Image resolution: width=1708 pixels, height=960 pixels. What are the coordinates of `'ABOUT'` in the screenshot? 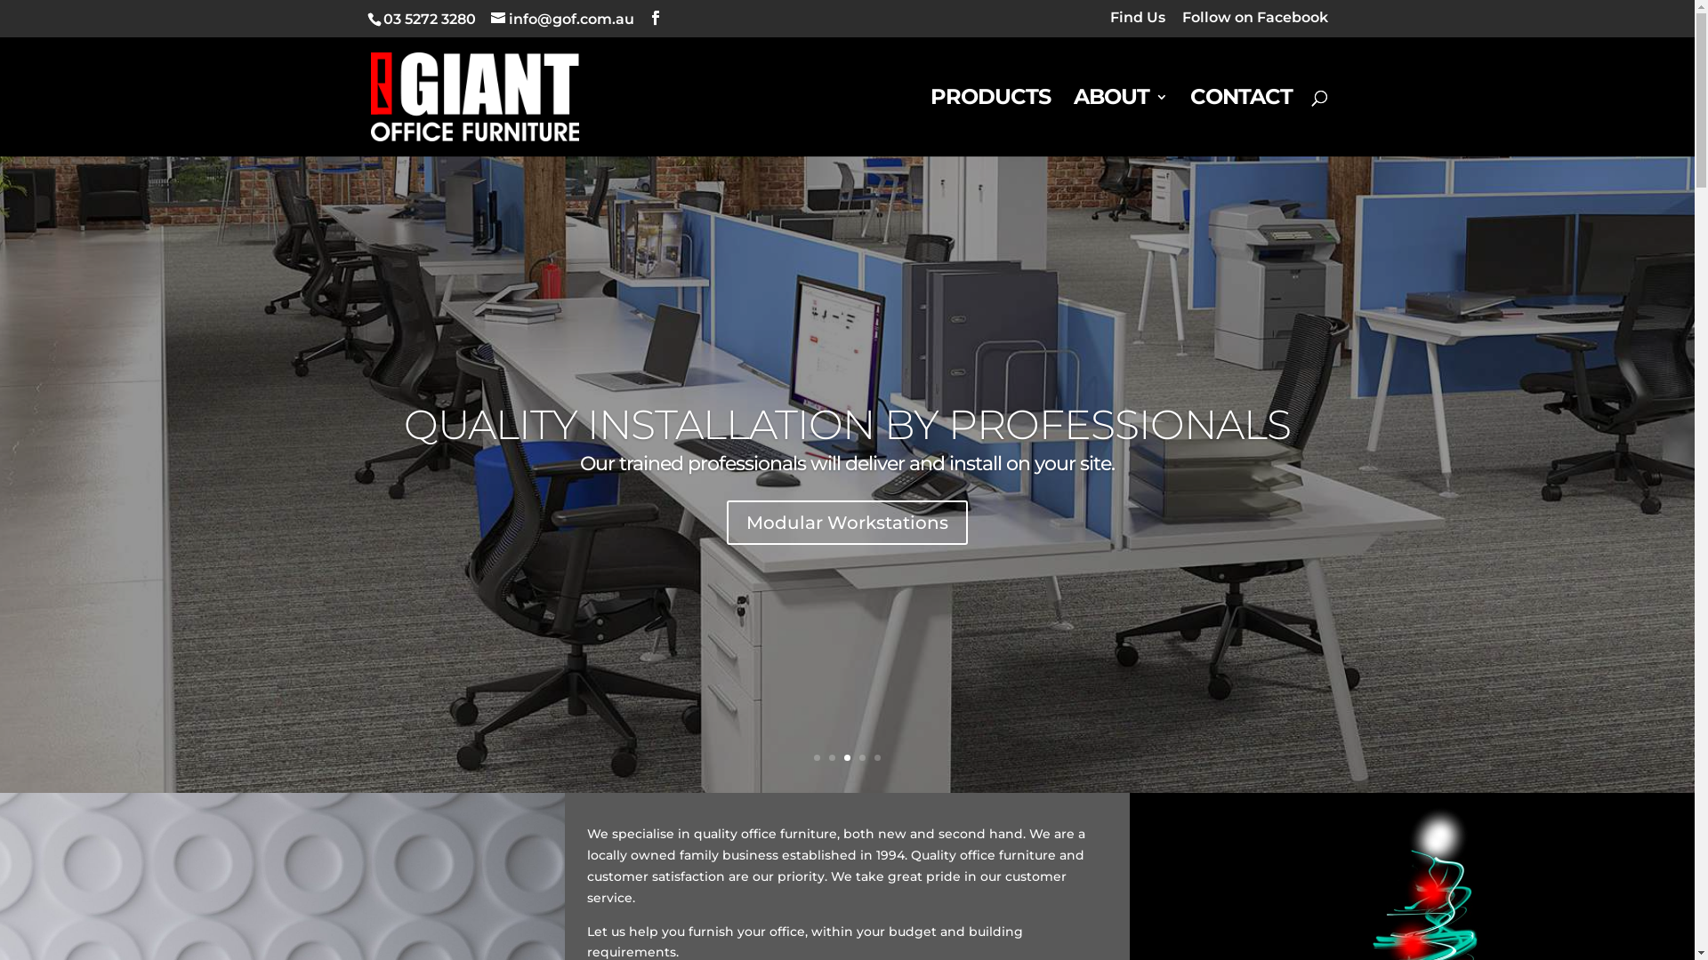 It's located at (1118, 122).